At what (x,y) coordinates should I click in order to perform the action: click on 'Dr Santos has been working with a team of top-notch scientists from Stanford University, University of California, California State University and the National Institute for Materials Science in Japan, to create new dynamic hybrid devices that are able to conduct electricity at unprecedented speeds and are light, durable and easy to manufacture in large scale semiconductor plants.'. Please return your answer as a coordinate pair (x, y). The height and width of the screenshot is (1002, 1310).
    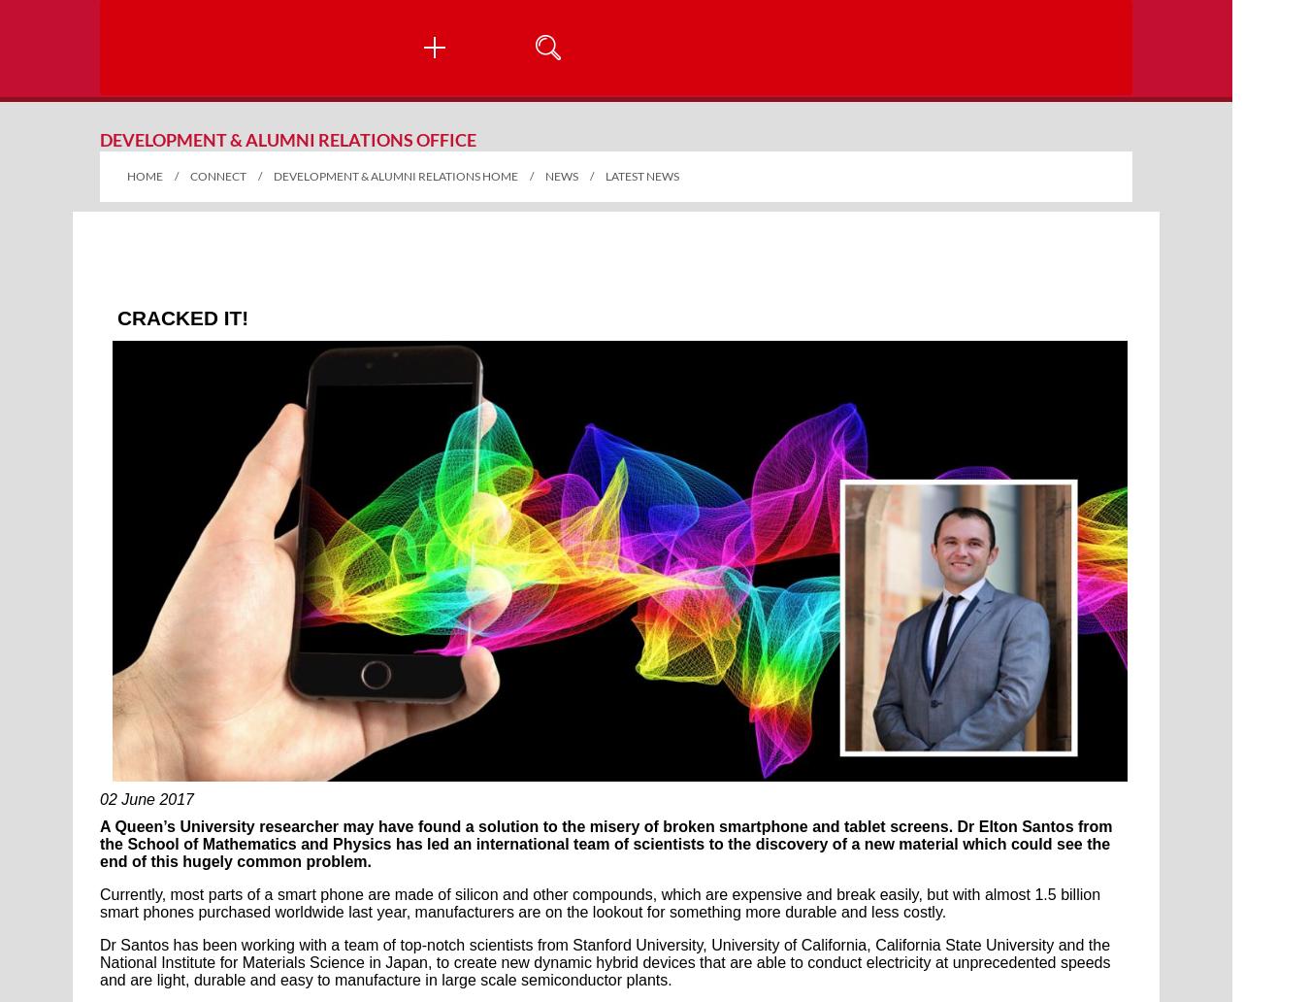
    Looking at the image, I should click on (605, 961).